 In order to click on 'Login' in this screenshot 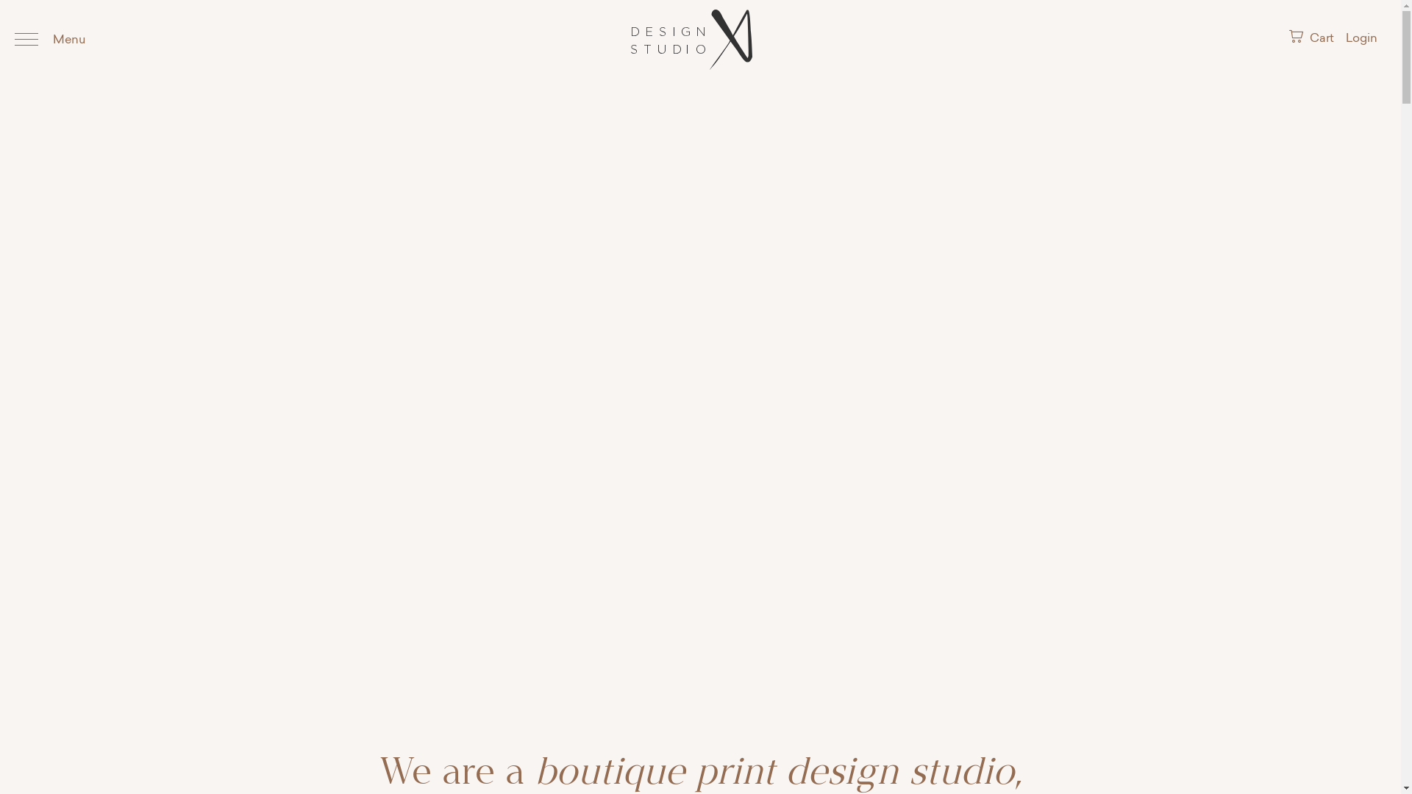, I will do `click(1361, 38)`.